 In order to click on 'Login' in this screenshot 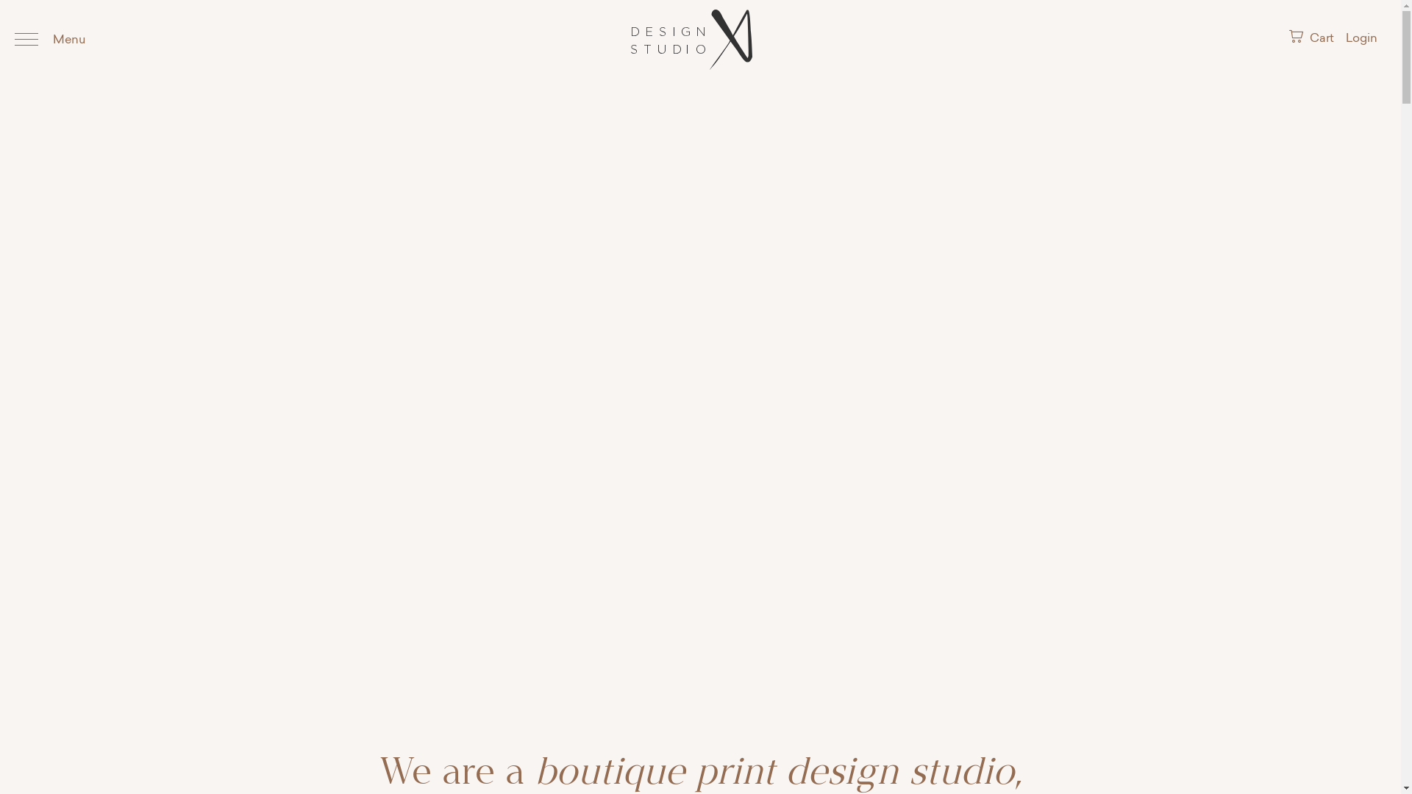, I will do `click(1361, 38)`.